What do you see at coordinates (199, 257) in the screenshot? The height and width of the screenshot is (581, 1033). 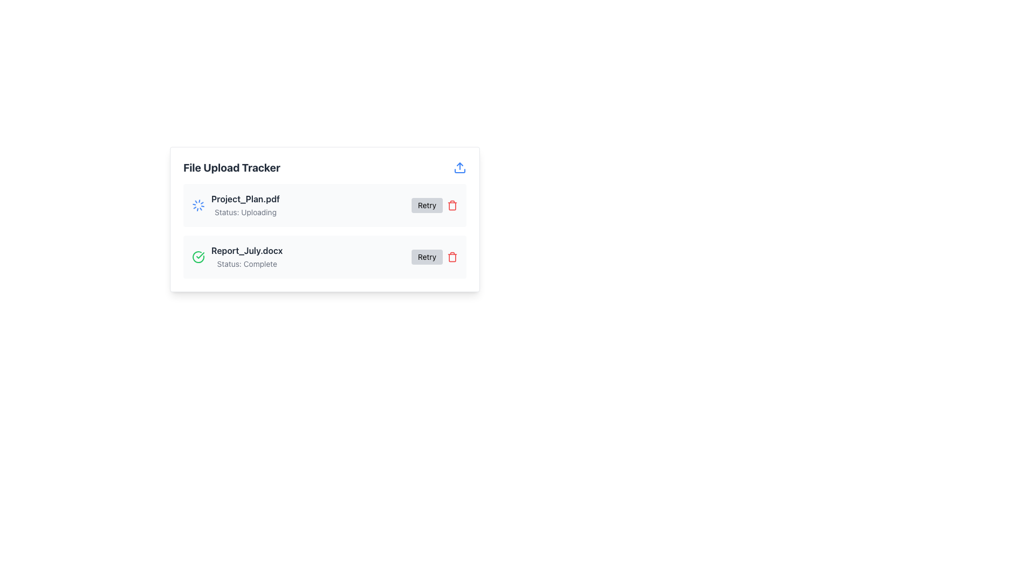 I see `the circular check mark icon with a green stroke, indicating a completed status, located to the left of the text 'Report_July.docx Status: Complete' in the second row of uploaded files` at bounding box center [199, 257].